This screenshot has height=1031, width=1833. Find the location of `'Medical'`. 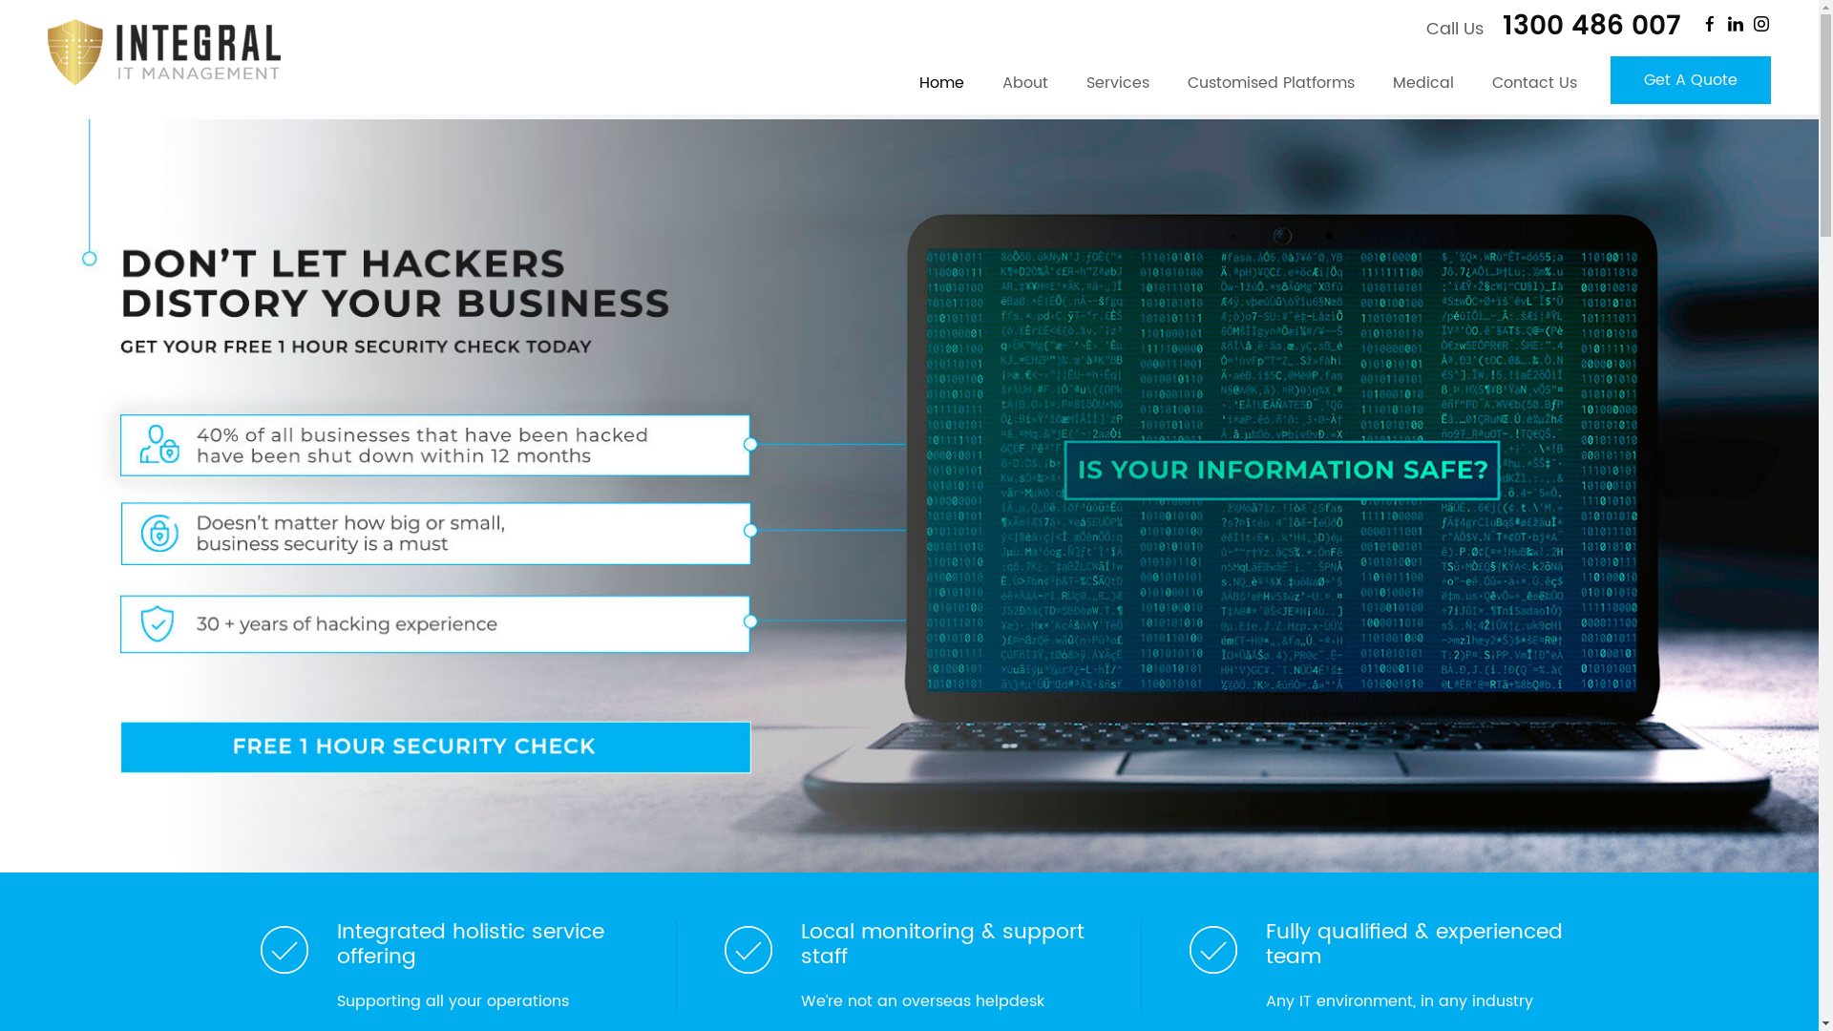

'Medical' is located at coordinates (1423, 88).